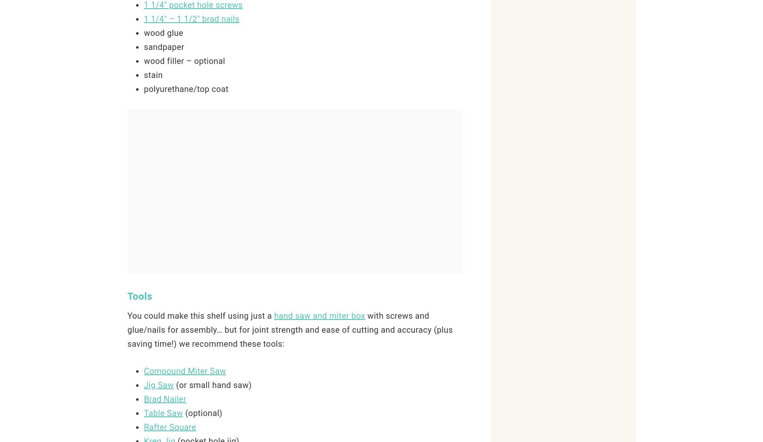 This screenshot has height=442, width=763. Describe the element at coordinates (212, 385) in the screenshot. I see `'(or small hand saw)'` at that location.